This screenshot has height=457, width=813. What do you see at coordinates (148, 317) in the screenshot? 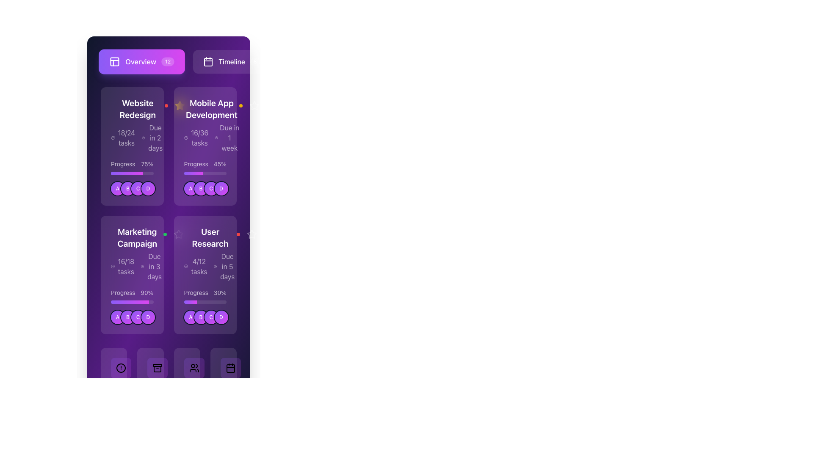
I see `the circular badge labeled 'D', which is the rightmost badge in a row of four badges with gradient colors and a white letter 'D' in the center` at bounding box center [148, 317].